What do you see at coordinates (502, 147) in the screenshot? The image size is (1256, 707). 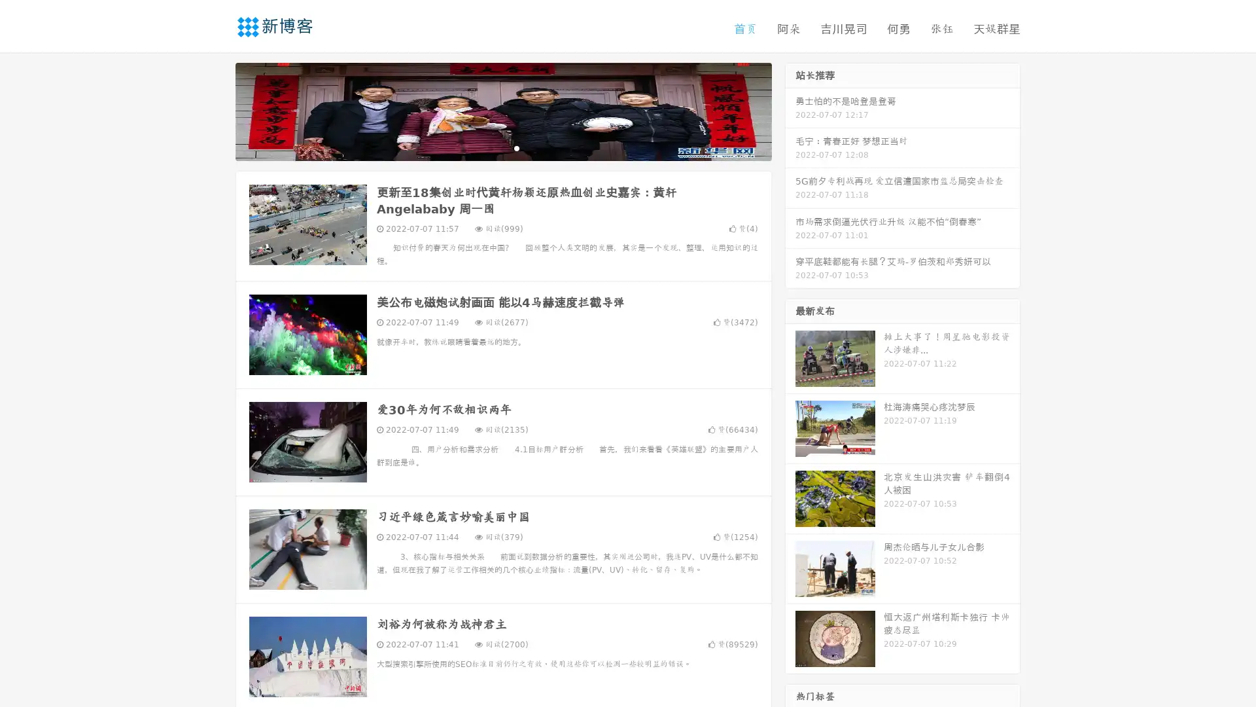 I see `Go to slide 2` at bounding box center [502, 147].